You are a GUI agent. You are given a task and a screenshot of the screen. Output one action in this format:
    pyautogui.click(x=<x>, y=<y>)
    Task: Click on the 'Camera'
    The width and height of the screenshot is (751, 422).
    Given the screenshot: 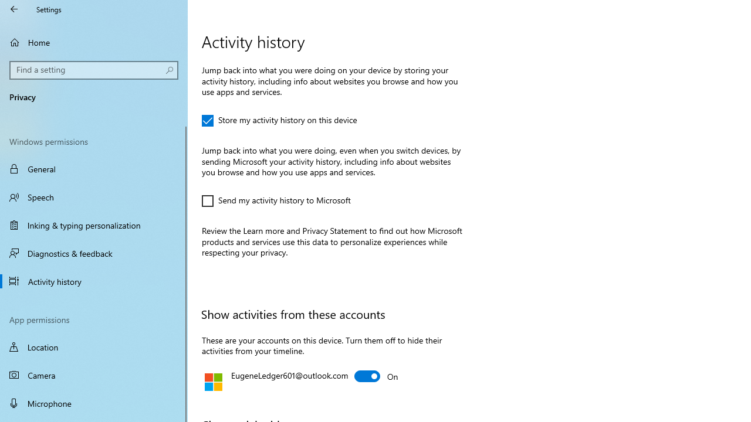 What is the action you would take?
    pyautogui.click(x=94, y=375)
    